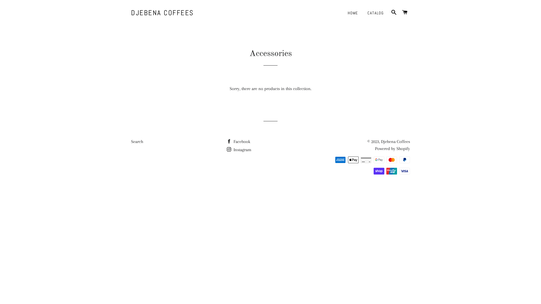 The width and height of the screenshot is (541, 304). I want to click on 'SEARCH', so click(389, 13).